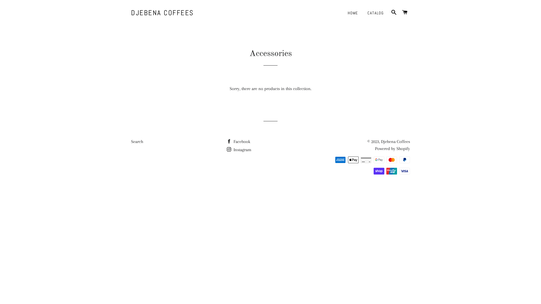 The width and height of the screenshot is (541, 304). I want to click on 'SEARCH', so click(389, 13).